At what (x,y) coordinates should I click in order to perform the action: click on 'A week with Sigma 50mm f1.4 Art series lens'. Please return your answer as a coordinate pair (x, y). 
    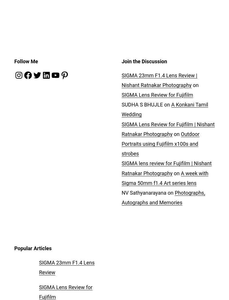
    Looking at the image, I should click on (121, 177).